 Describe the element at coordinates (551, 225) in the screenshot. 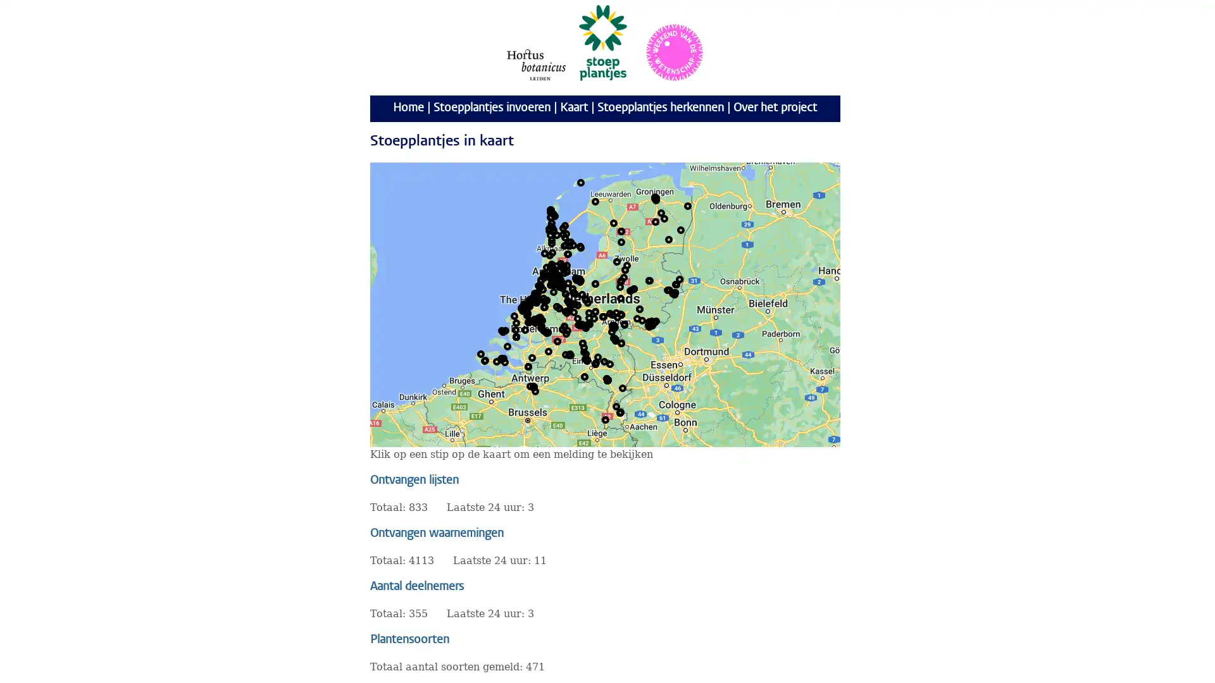

I see `Telling van op 26 juni 2022` at that location.